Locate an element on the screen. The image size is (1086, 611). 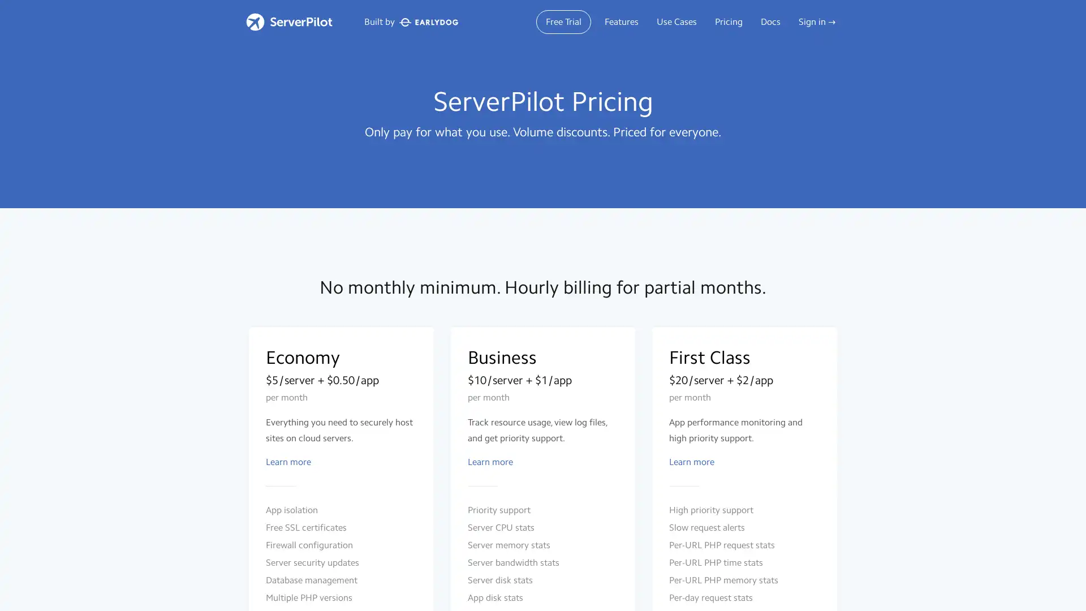
Features is located at coordinates (621, 21).